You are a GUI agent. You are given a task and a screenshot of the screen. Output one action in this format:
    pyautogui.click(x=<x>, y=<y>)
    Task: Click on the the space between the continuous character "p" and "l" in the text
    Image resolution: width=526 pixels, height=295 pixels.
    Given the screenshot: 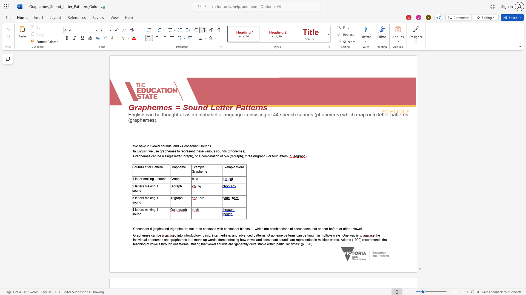 What is the action you would take?
    pyautogui.click(x=232, y=167)
    